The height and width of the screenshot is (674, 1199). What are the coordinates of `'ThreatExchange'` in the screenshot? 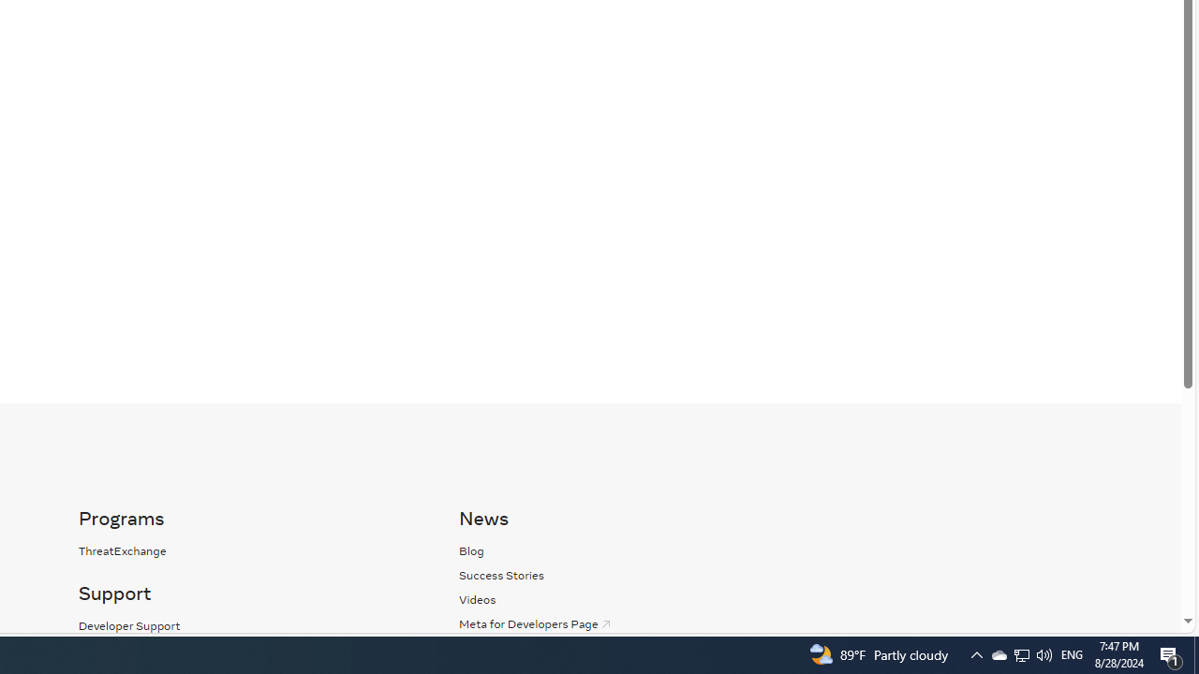 It's located at (121, 549).